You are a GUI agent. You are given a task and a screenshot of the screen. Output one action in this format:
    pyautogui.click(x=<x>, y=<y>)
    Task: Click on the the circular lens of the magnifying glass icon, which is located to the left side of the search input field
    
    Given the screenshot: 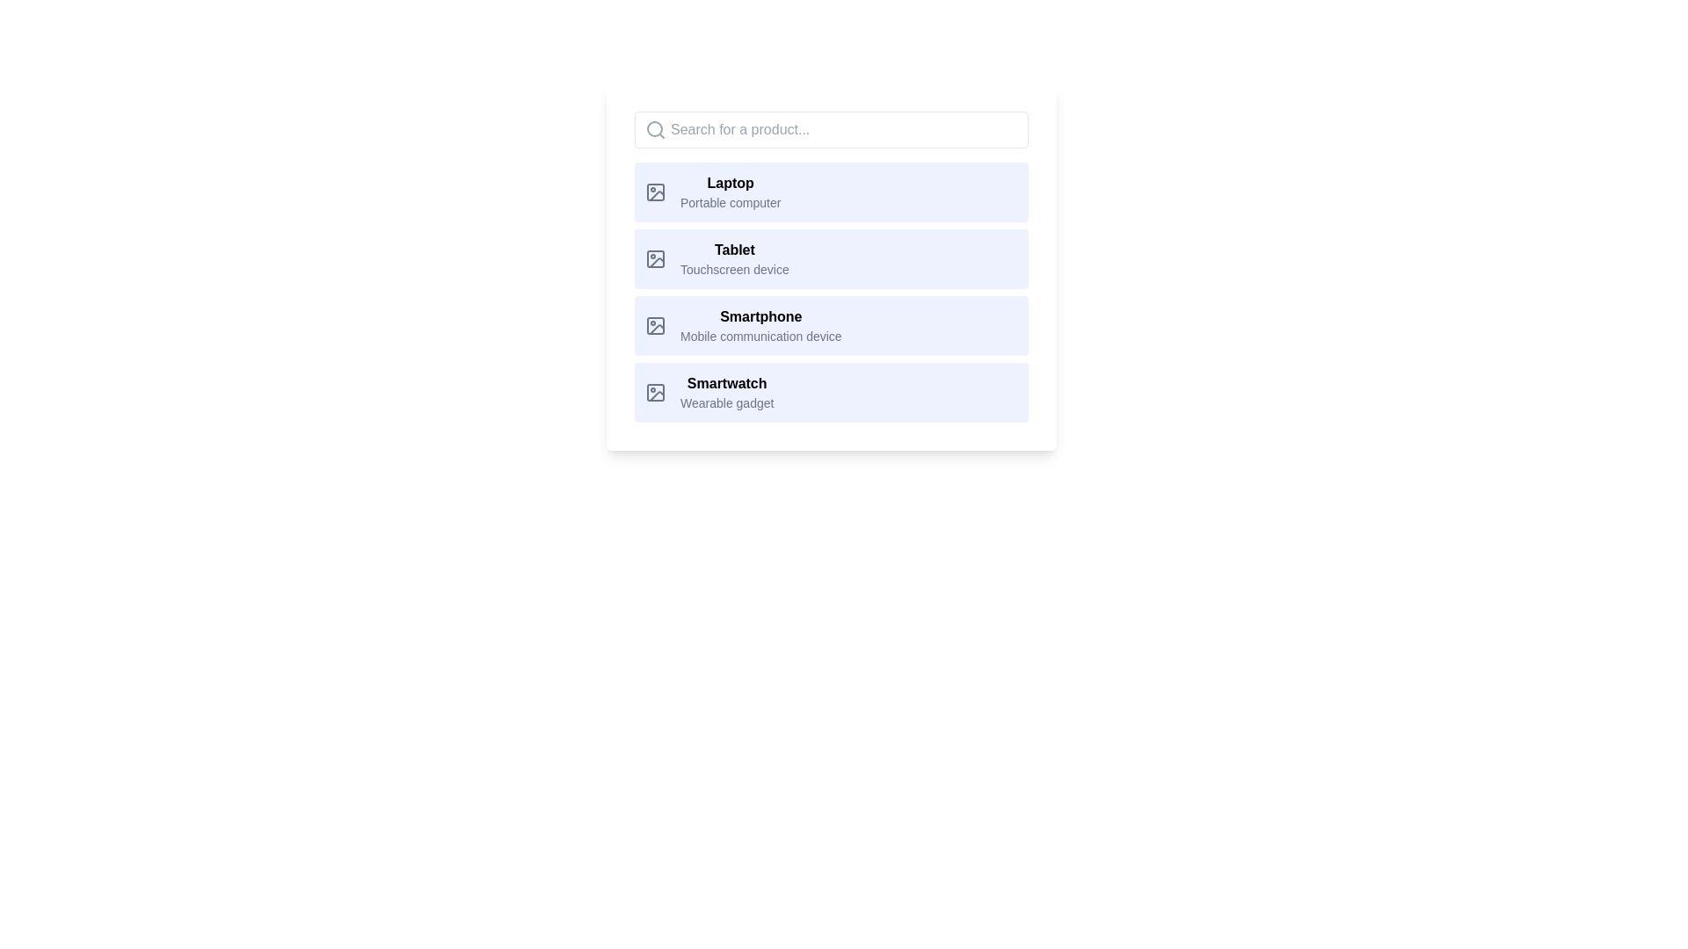 What is the action you would take?
    pyautogui.click(x=653, y=127)
    